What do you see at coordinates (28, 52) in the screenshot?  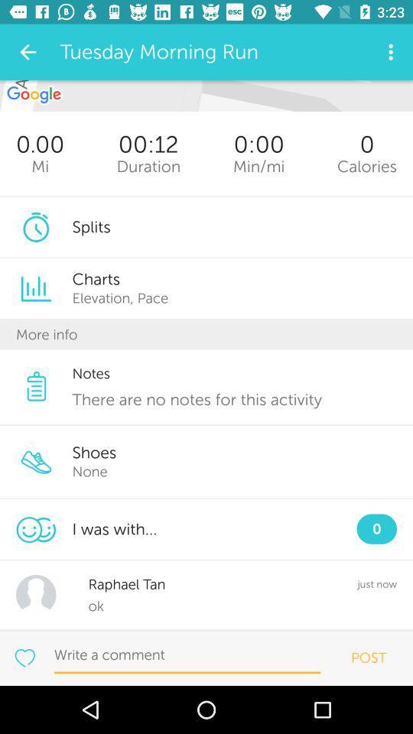 I see `item next to the tuesday morning run item` at bounding box center [28, 52].